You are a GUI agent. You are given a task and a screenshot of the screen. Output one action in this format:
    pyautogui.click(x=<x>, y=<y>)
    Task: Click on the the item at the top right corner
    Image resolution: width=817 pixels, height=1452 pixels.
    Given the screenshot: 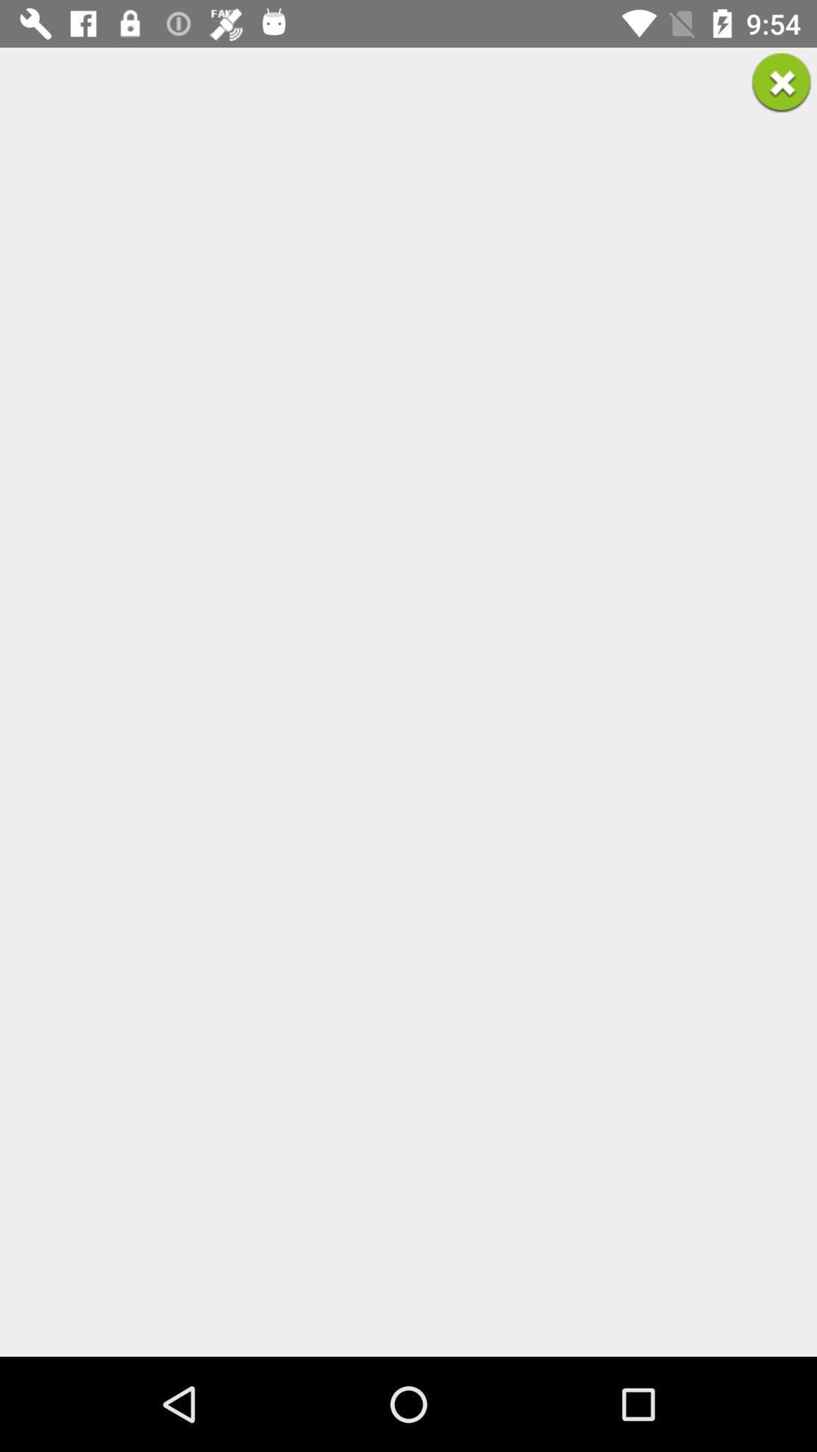 What is the action you would take?
    pyautogui.click(x=781, y=82)
    